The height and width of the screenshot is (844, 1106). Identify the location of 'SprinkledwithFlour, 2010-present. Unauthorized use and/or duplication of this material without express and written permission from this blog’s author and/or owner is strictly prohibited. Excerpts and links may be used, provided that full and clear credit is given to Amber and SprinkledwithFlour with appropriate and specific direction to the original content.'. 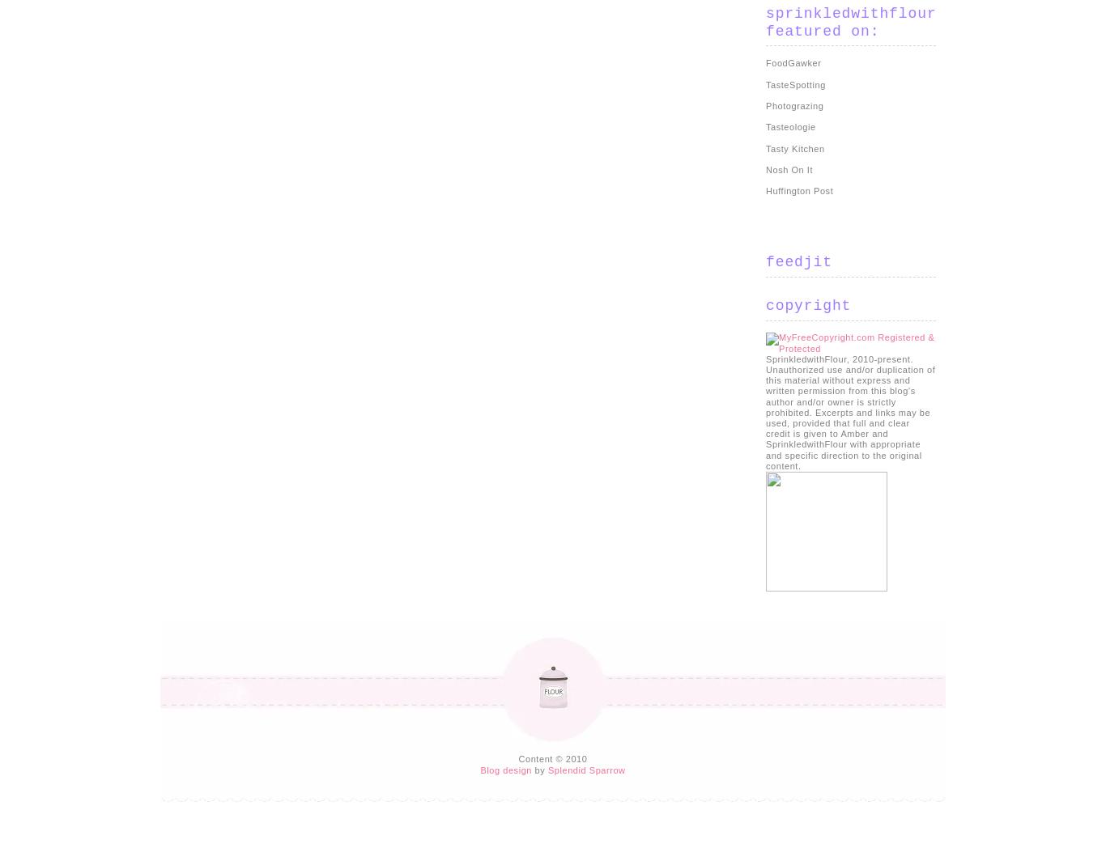
(849, 410).